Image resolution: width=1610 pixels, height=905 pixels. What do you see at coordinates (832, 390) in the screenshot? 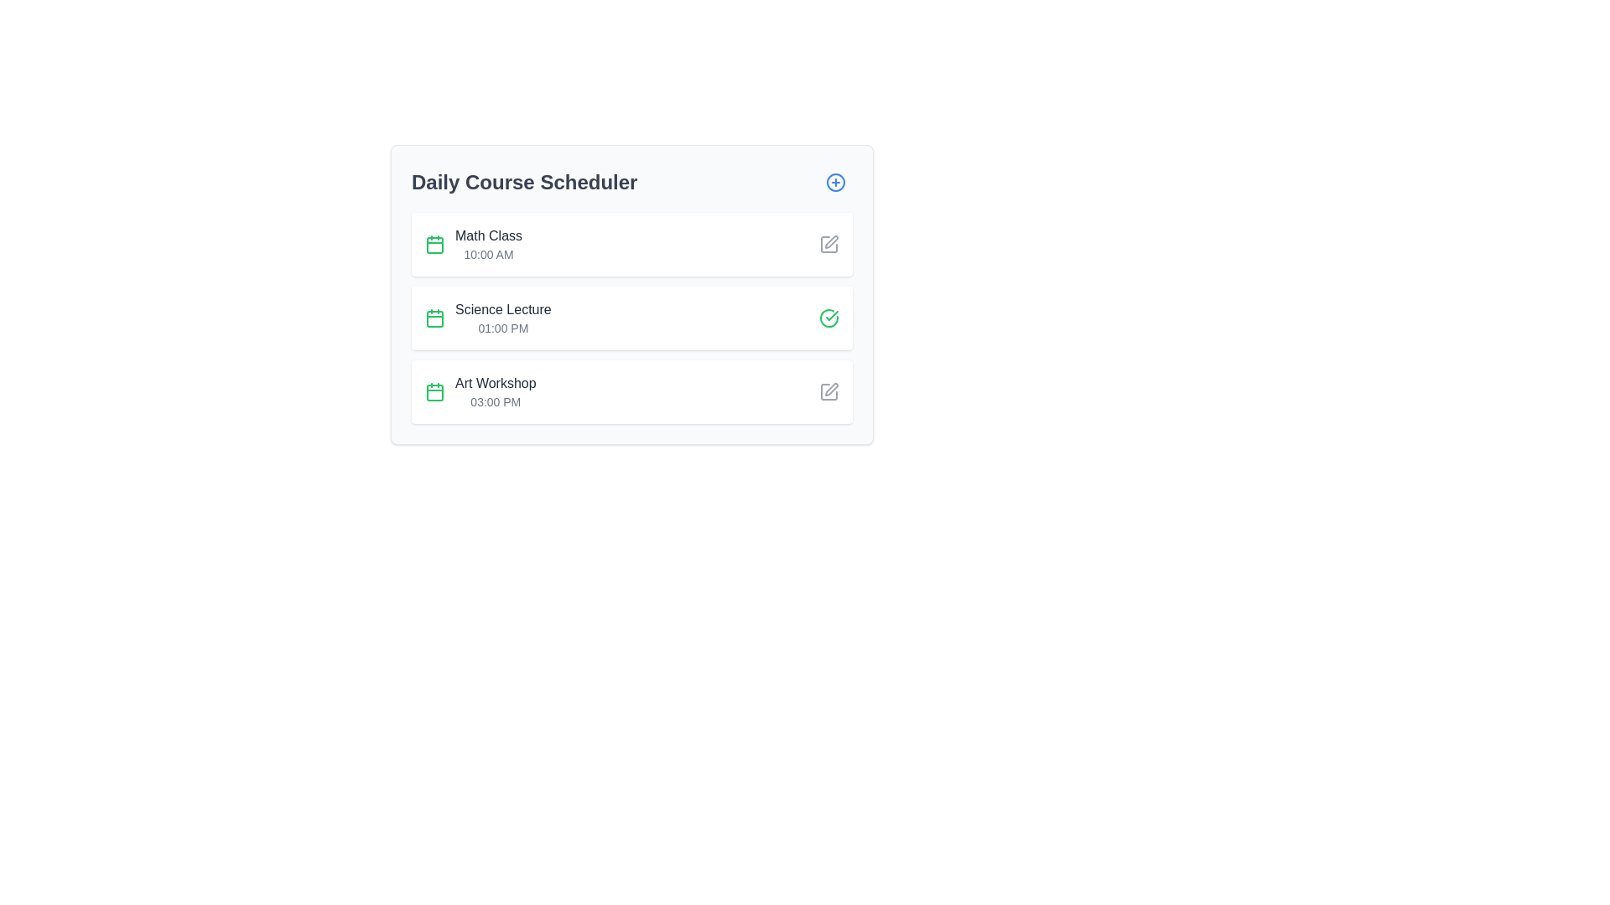
I see `the Icon button for the 'Art Workshop' entry located in the third row under 'Daily Course Scheduler', to the right of the '03:00 PM' text` at bounding box center [832, 390].